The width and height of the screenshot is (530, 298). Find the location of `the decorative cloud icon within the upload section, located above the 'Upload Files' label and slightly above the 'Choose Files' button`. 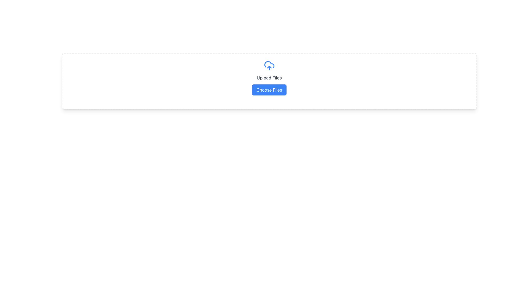

the decorative cloud icon within the upload section, located above the 'Upload Files' label and slightly above the 'Choose Files' button is located at coordinates (269, 64).